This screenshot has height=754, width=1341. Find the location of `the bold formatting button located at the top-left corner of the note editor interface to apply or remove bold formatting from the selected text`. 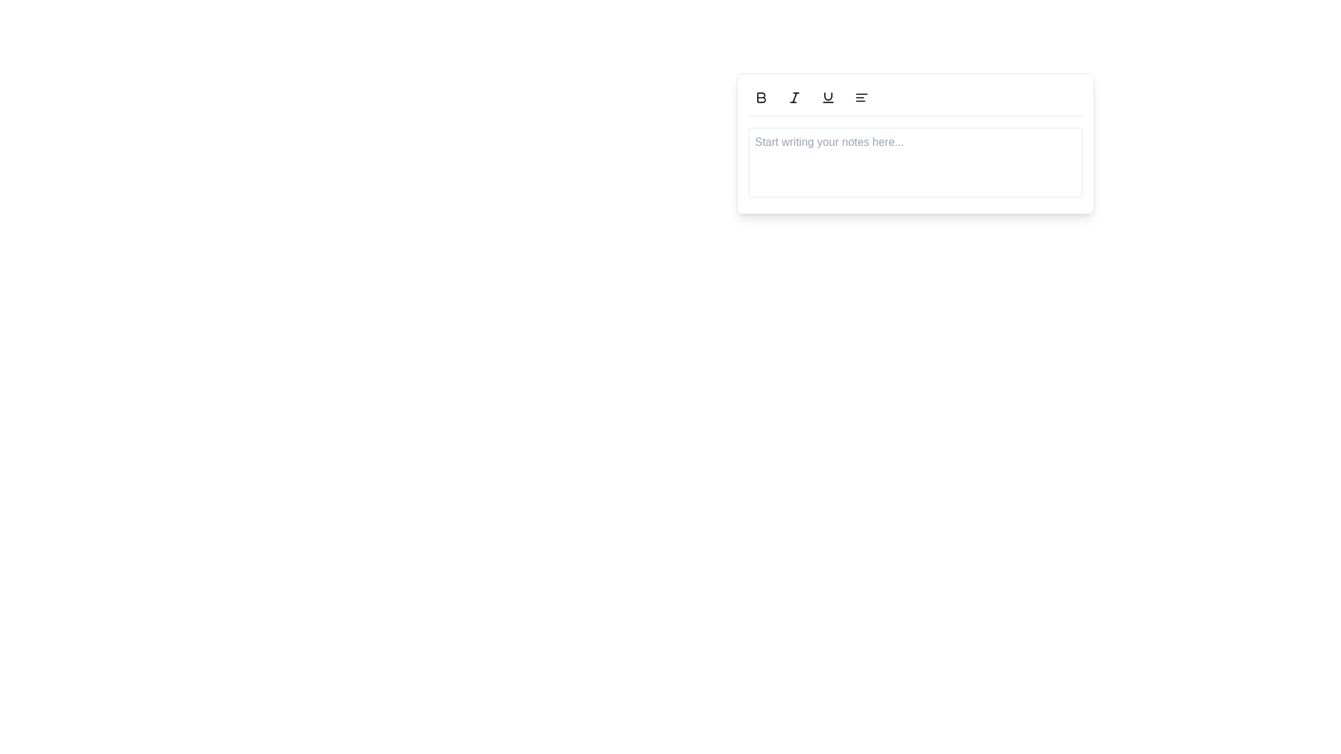

the bold formatting button located at the top-left corner of the note editor interface to apply or remove bold formatting from the selected text is located at coordinates (760, 96).